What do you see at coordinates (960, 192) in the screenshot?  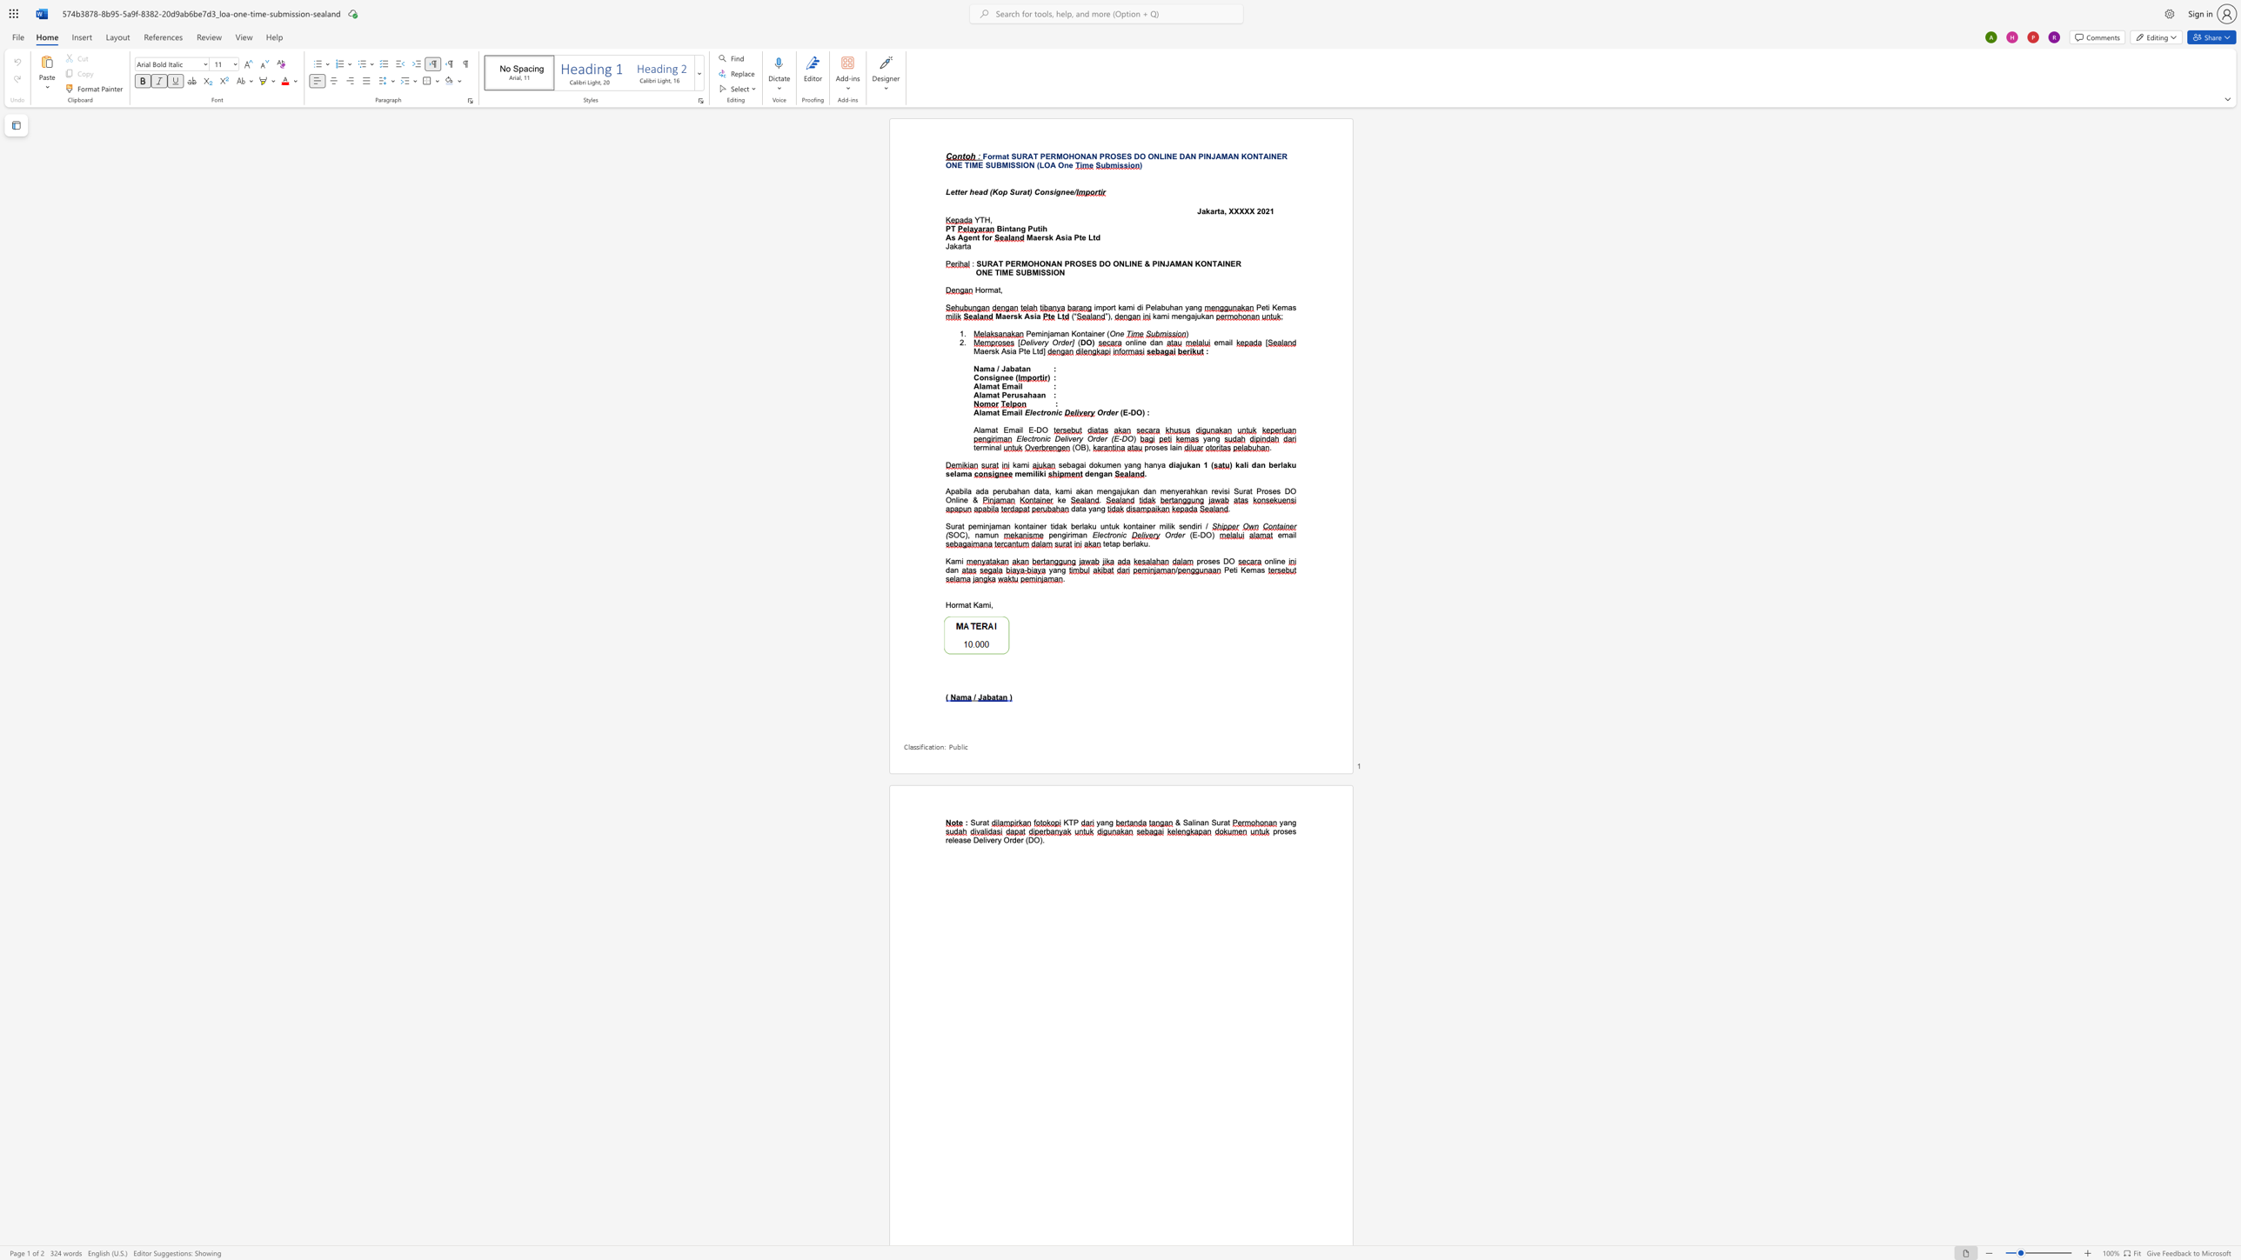 I see `the subset text "er h" within the text "Letter head (Kop Surat) Consignee/"` at bounding box center [960, 192].